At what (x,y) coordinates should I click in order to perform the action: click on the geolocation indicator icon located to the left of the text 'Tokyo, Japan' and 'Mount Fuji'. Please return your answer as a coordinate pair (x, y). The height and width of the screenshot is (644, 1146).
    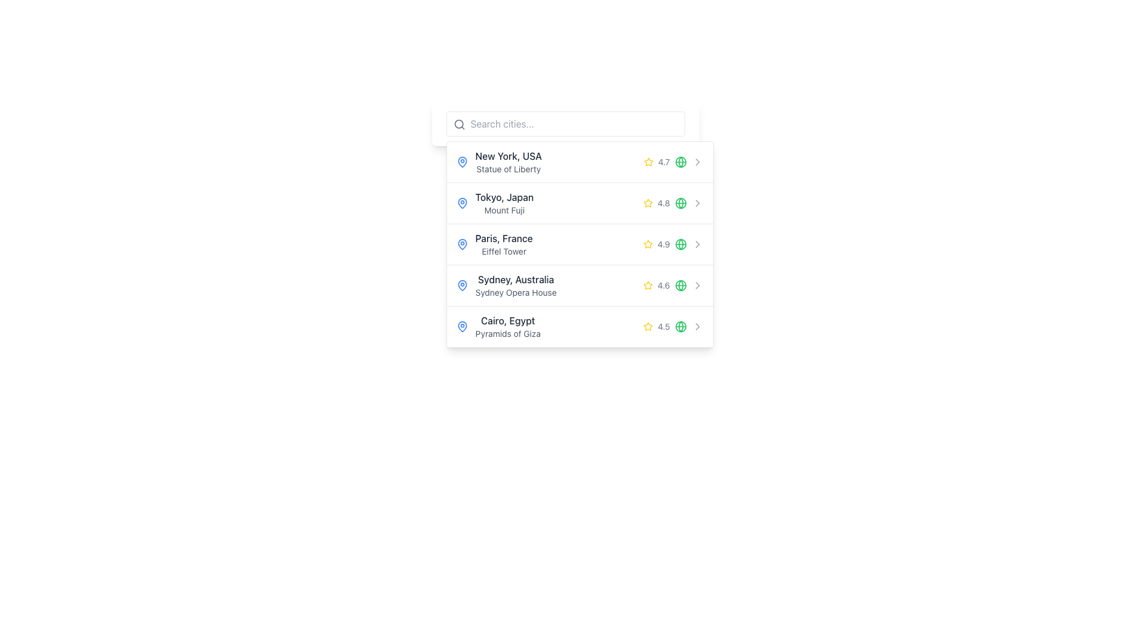
    Looking at the image, I should click on (461, 202).